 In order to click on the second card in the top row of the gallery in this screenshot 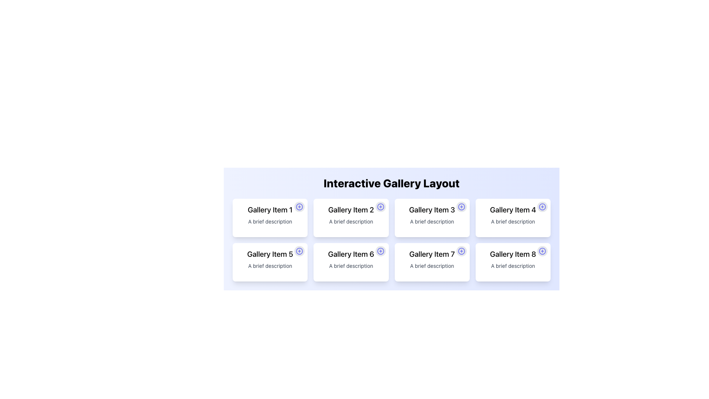, I will do `click(350, 218)`.